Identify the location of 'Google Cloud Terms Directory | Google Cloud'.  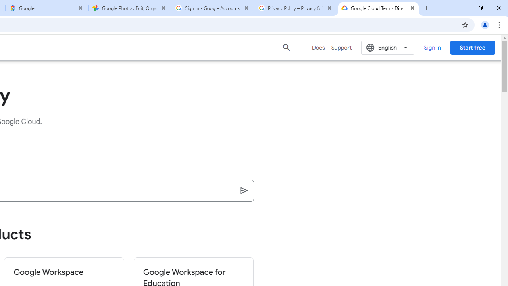
(378, 8).